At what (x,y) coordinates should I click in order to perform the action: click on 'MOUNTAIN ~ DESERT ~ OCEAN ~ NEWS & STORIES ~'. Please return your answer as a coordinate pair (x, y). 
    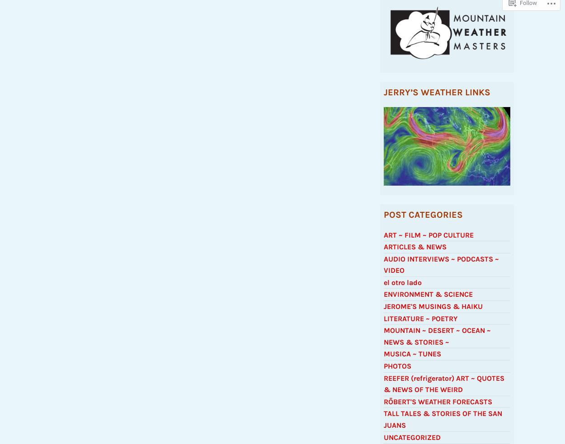
    Looking at the image, I should click on (437, 340).